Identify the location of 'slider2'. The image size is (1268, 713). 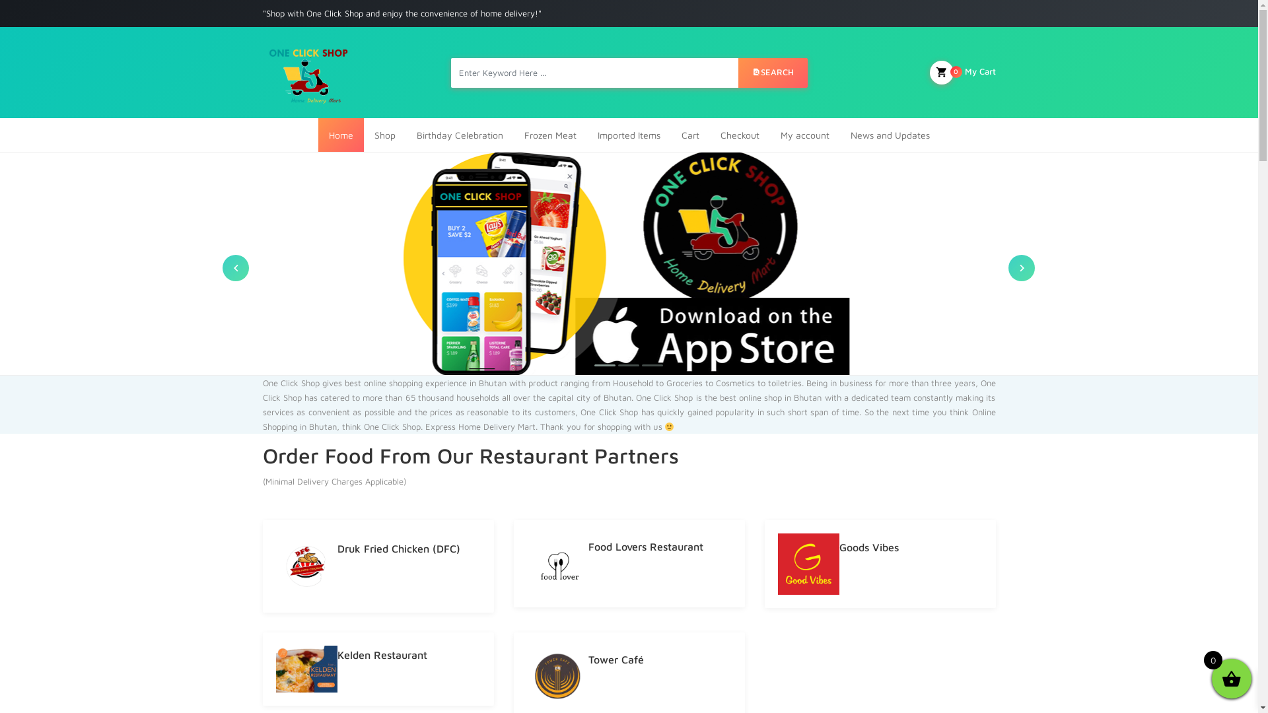
(507, 262).